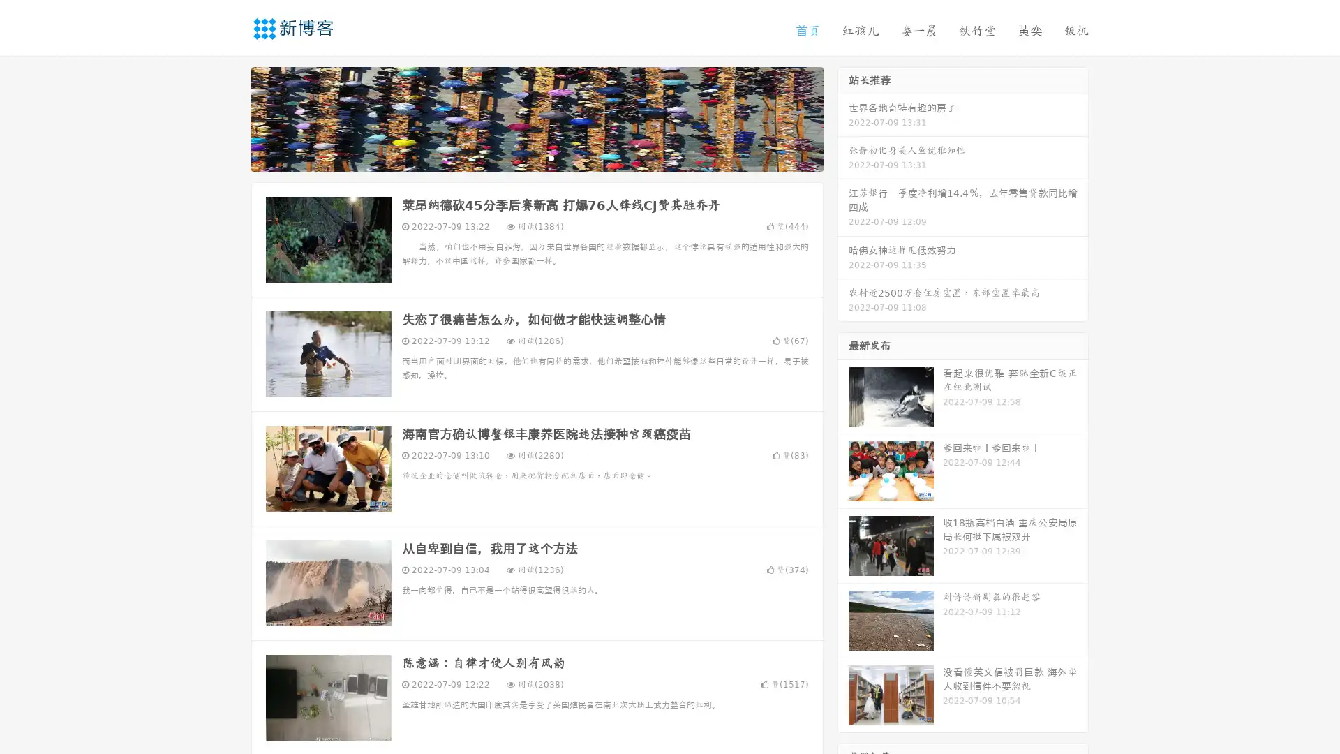 Image resolution: width=1340 pixels, height=754 pixels. Describe the element at coordinates (230, 117) in the screenshot. I see `Previous slide` at that location.